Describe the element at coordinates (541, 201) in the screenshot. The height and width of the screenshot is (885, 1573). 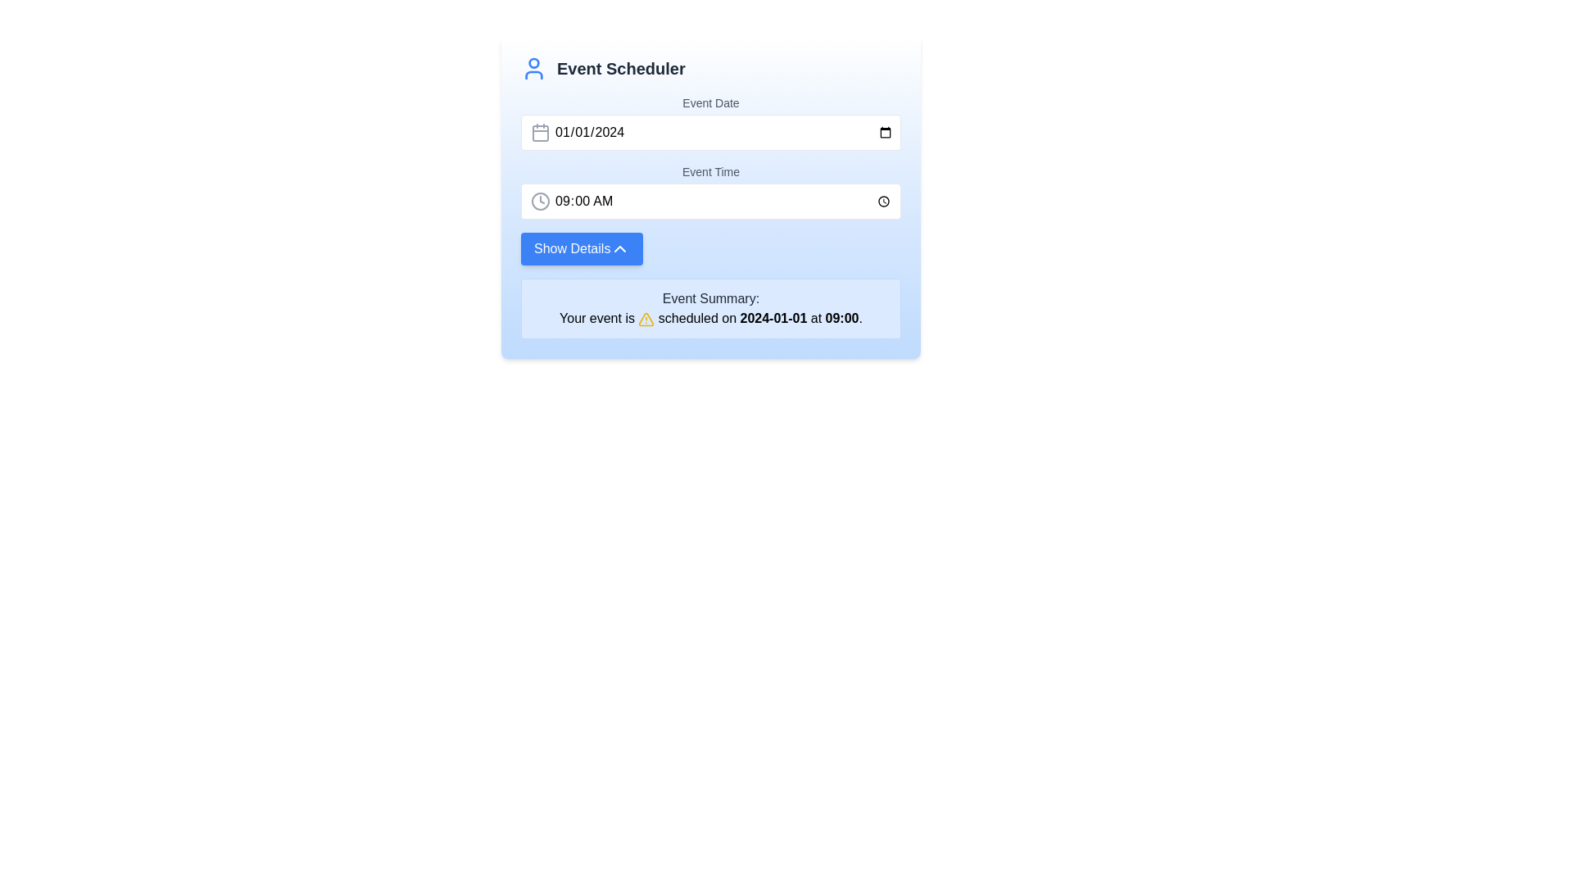
I see `the circular graphical element that represents the clock icon, which is located to the left of the 'Event Time' text field` at that location.